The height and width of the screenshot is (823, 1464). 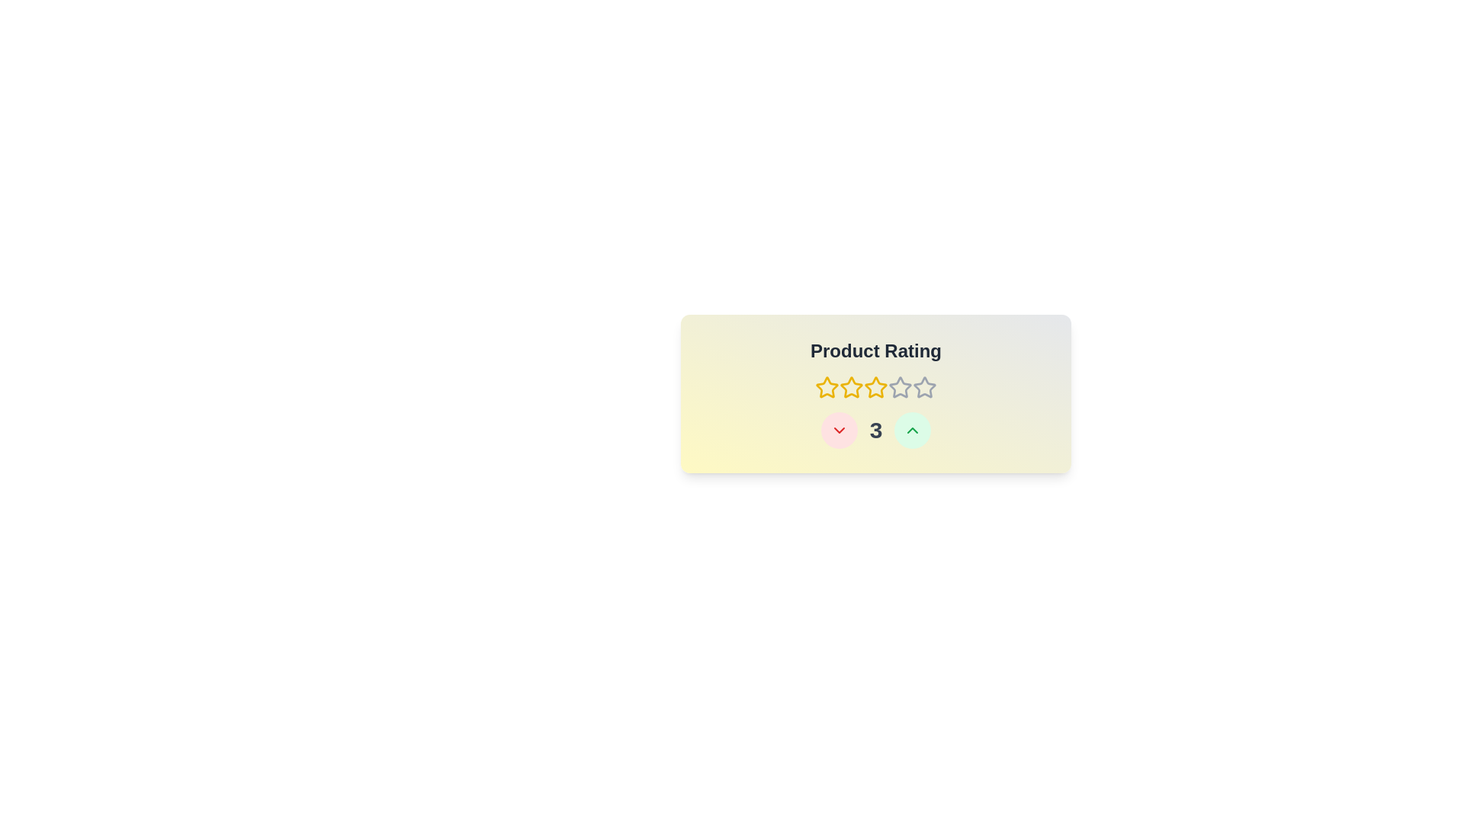 I want to click on the fourth star icon in the product rating section which allows users to assign a rating, so click(x=875, y=387).